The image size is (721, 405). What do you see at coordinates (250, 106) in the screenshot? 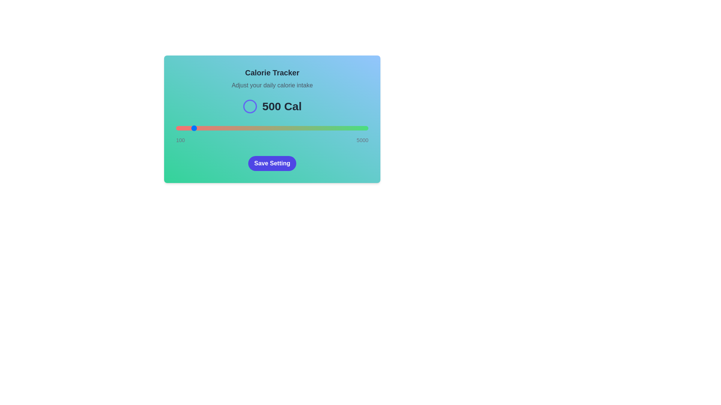
I see `the circular icon near the calorie value` at bounding box center [250, 106].